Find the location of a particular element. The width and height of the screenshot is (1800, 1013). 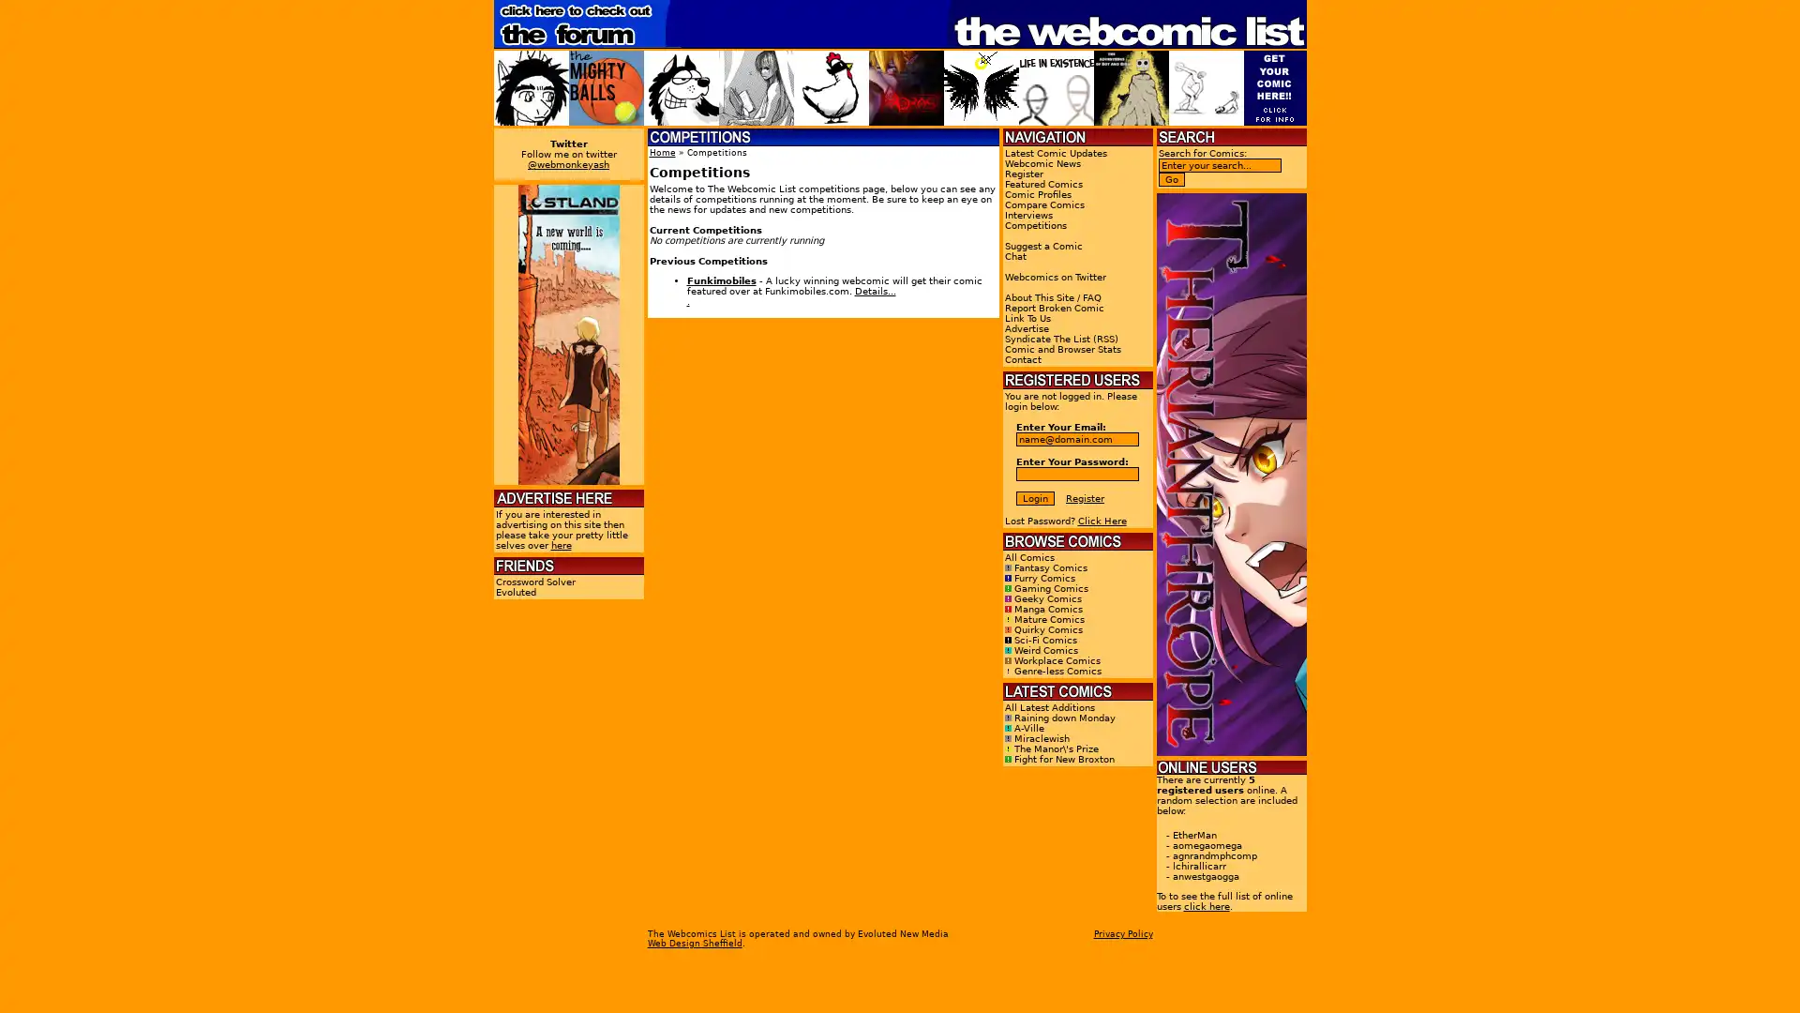

Go is located at coordinates (1169, 179).